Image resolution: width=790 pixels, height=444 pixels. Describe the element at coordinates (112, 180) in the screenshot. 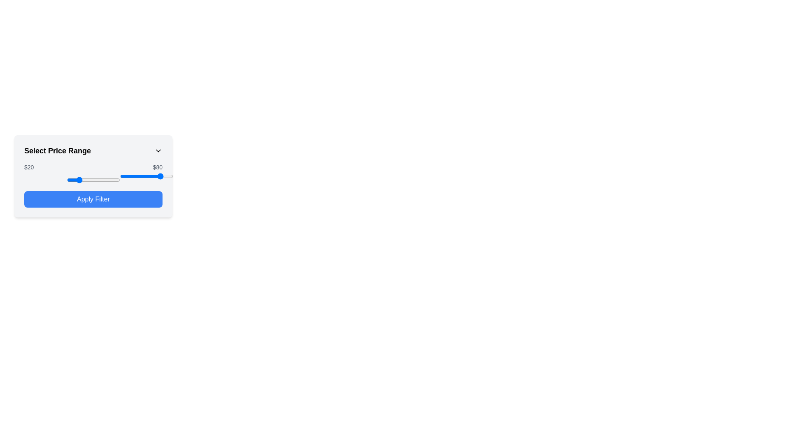

I see `the slider value` at that location.